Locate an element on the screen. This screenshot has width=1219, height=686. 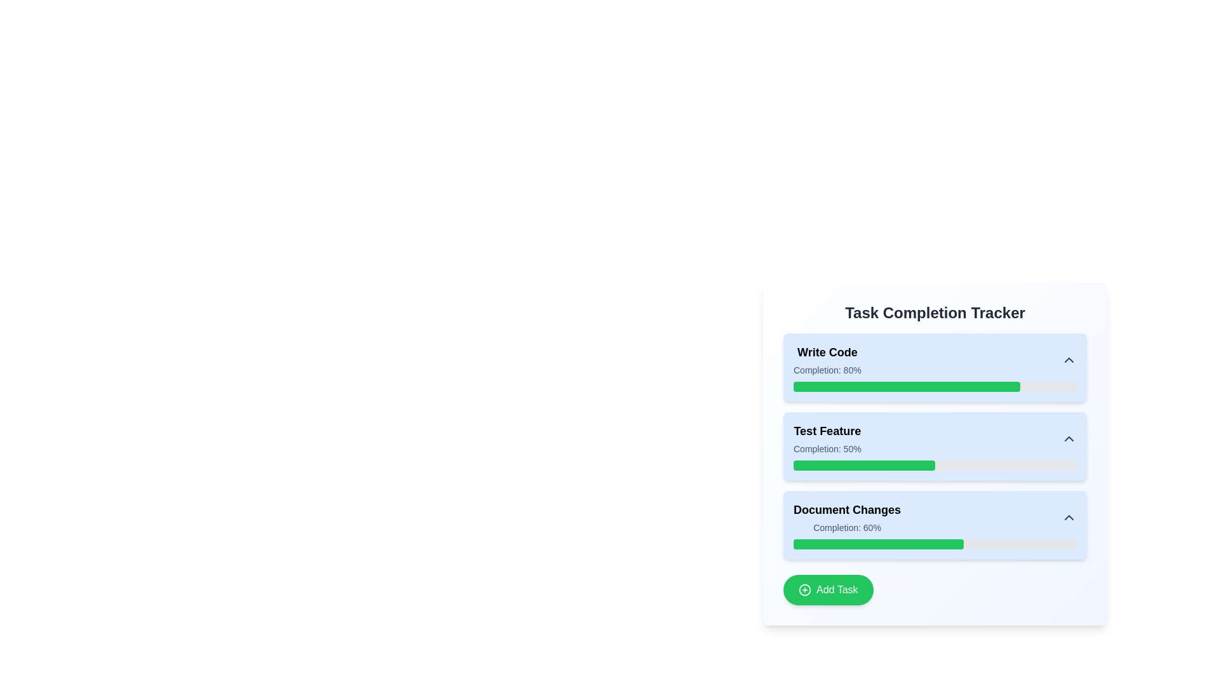
the header text label that indicates the purpose of the section for tracking task completion status is located at coordinates (935, 313).